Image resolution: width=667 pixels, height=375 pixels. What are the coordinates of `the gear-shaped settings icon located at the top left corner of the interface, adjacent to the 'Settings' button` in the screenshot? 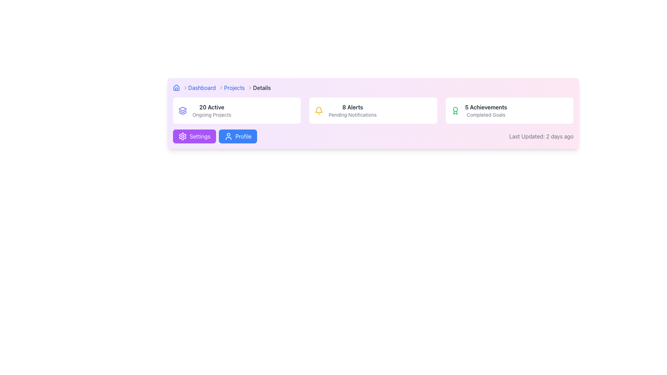 It's located at (183, 136).